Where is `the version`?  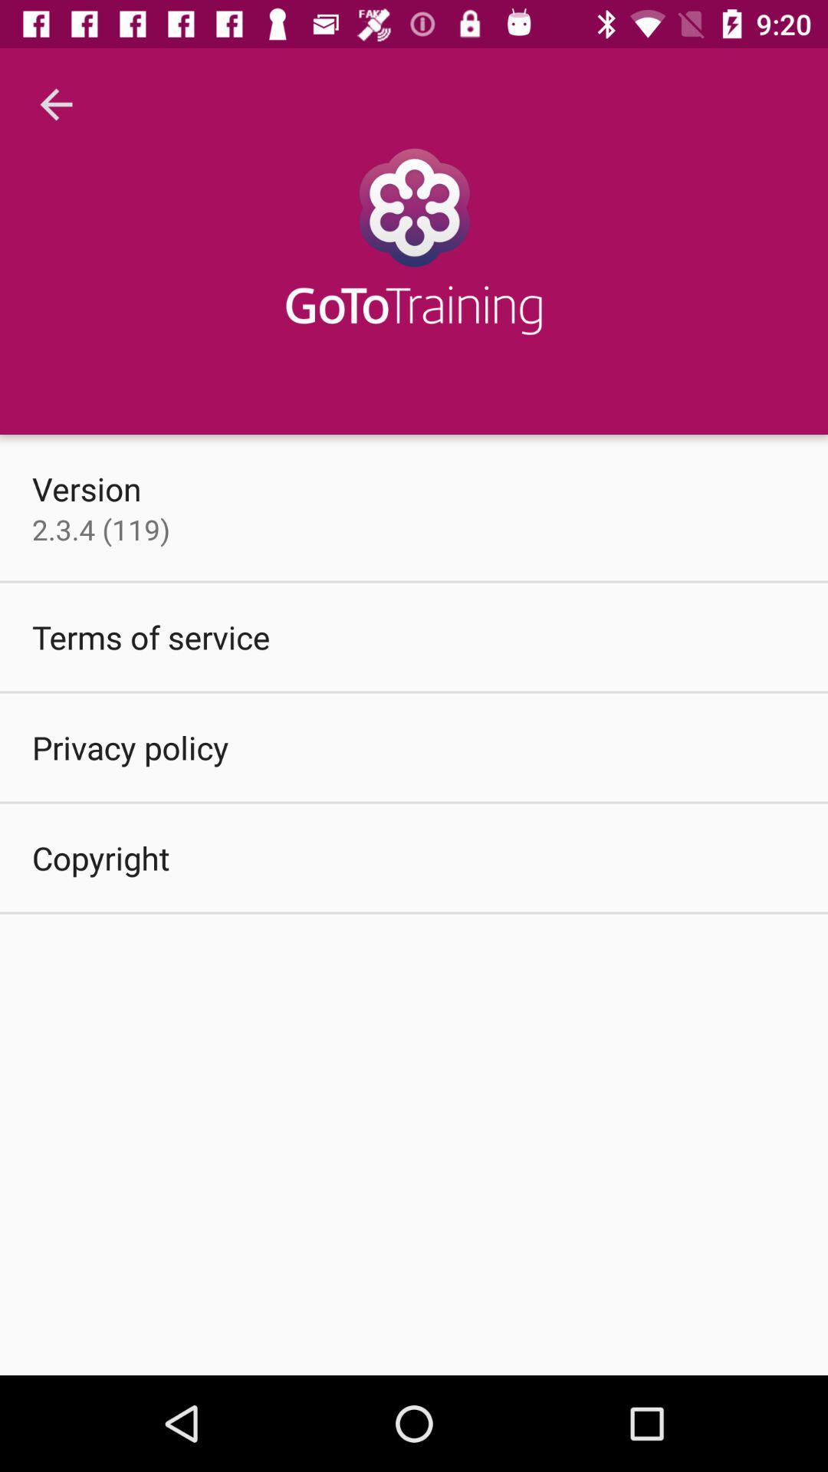 the version is located at coordinates (87, 488).